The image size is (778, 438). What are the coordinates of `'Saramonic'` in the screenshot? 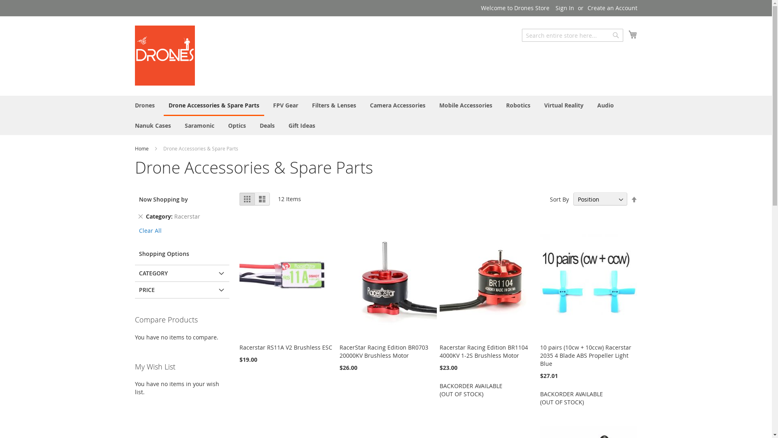 It's located at (199, 125).